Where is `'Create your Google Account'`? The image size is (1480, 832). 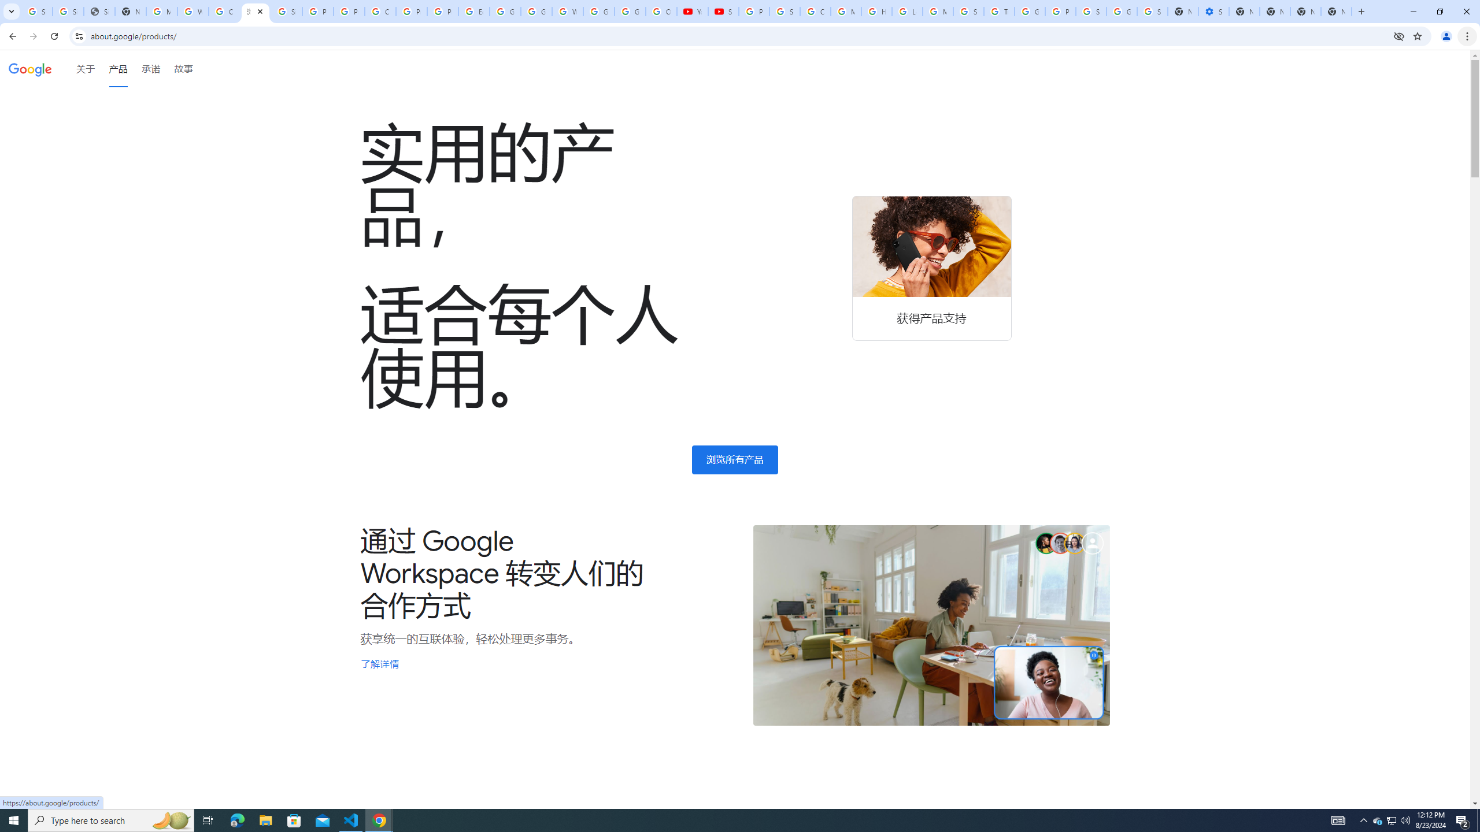
'Create your Google Account' is located at coordinates (379, 11).